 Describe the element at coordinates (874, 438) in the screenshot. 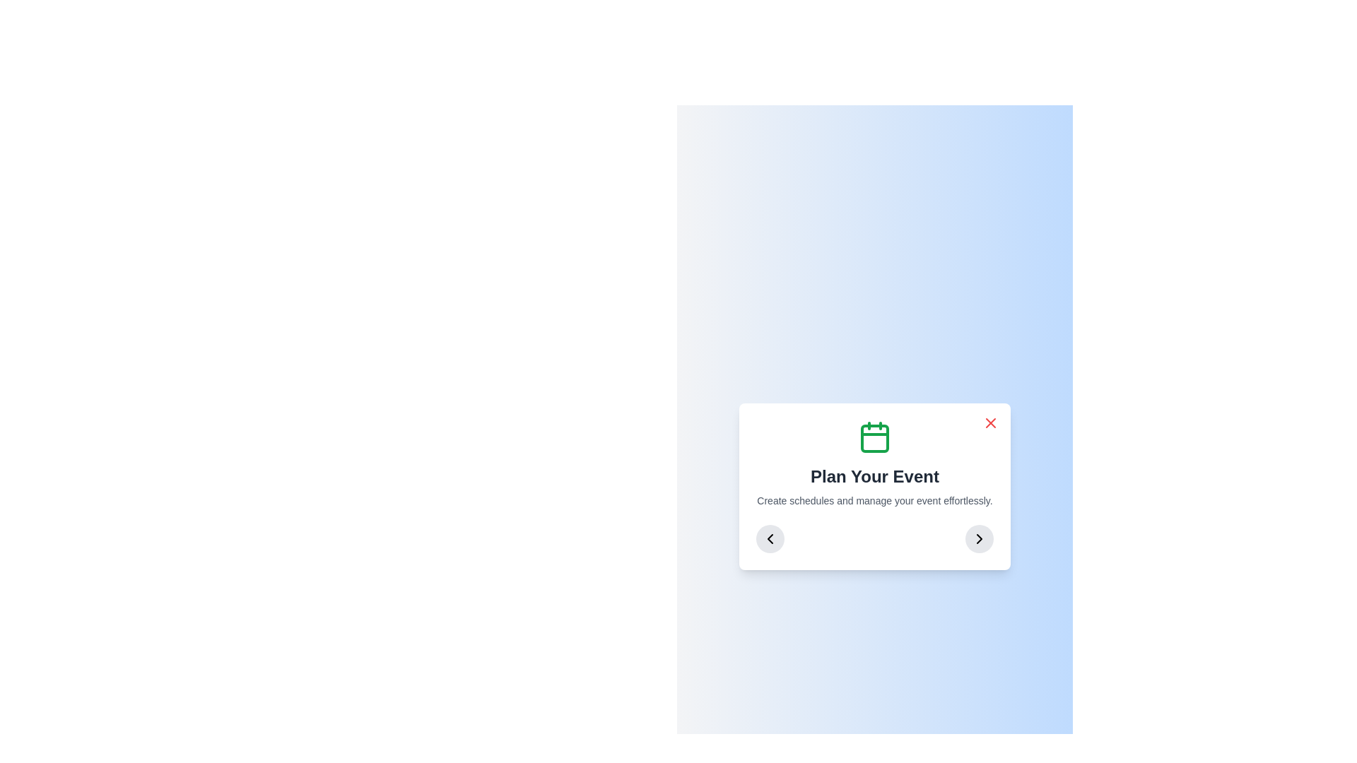

I see `the central area of the calendar icon, represented by the SVG rectangle, which visually depicts a date or event` at that location.